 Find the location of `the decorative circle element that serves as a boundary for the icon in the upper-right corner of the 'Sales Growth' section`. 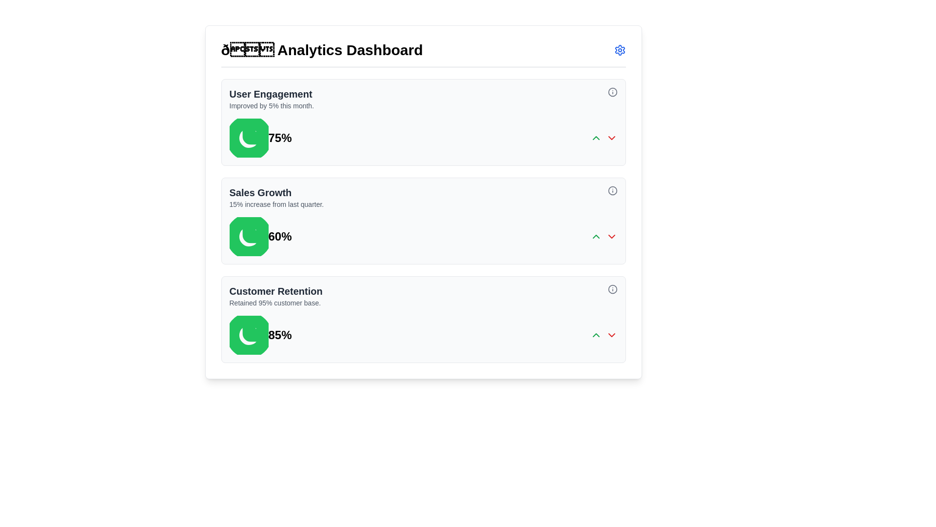

the decorative circle element that serves as a boundary for the icon in the upper-right corner of the 'Sales Growth' section is located at coordinates (612, 190).